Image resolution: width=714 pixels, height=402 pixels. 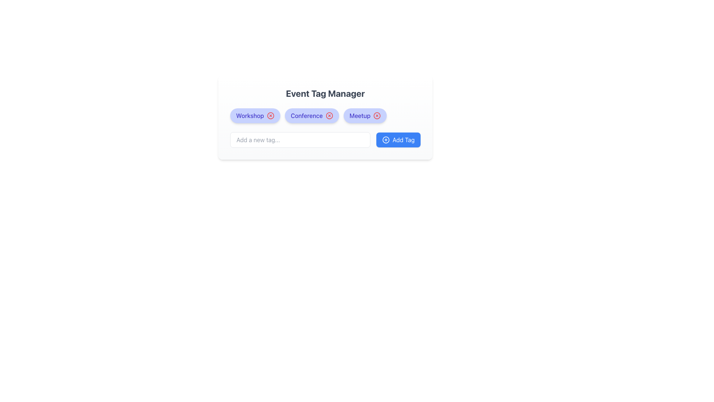 I want to click on the circular outline of the plus icon associated with the 'Add Tag' button, located to the left of the button, so click(x=386, y=140).